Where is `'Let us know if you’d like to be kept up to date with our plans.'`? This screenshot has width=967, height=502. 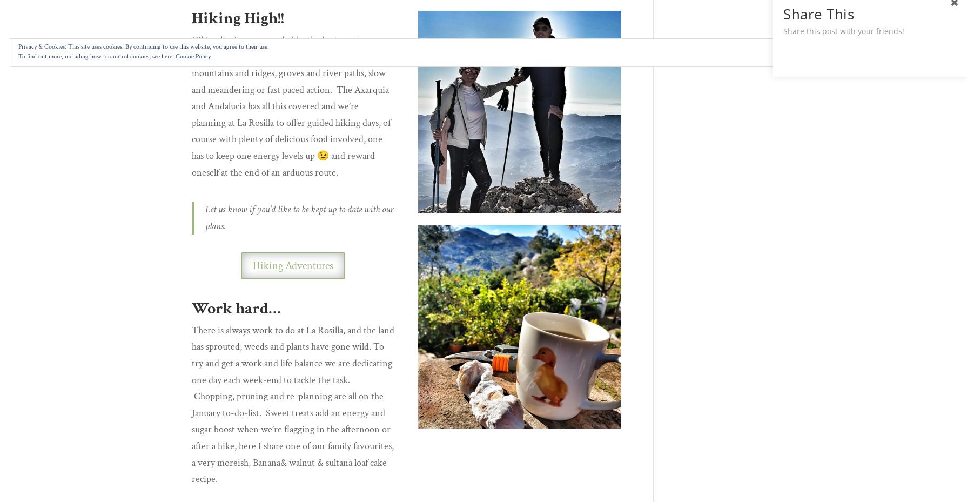 'Let us know if you’d like to be kept up to date with our plans.' is located at coordinates (299, 217).